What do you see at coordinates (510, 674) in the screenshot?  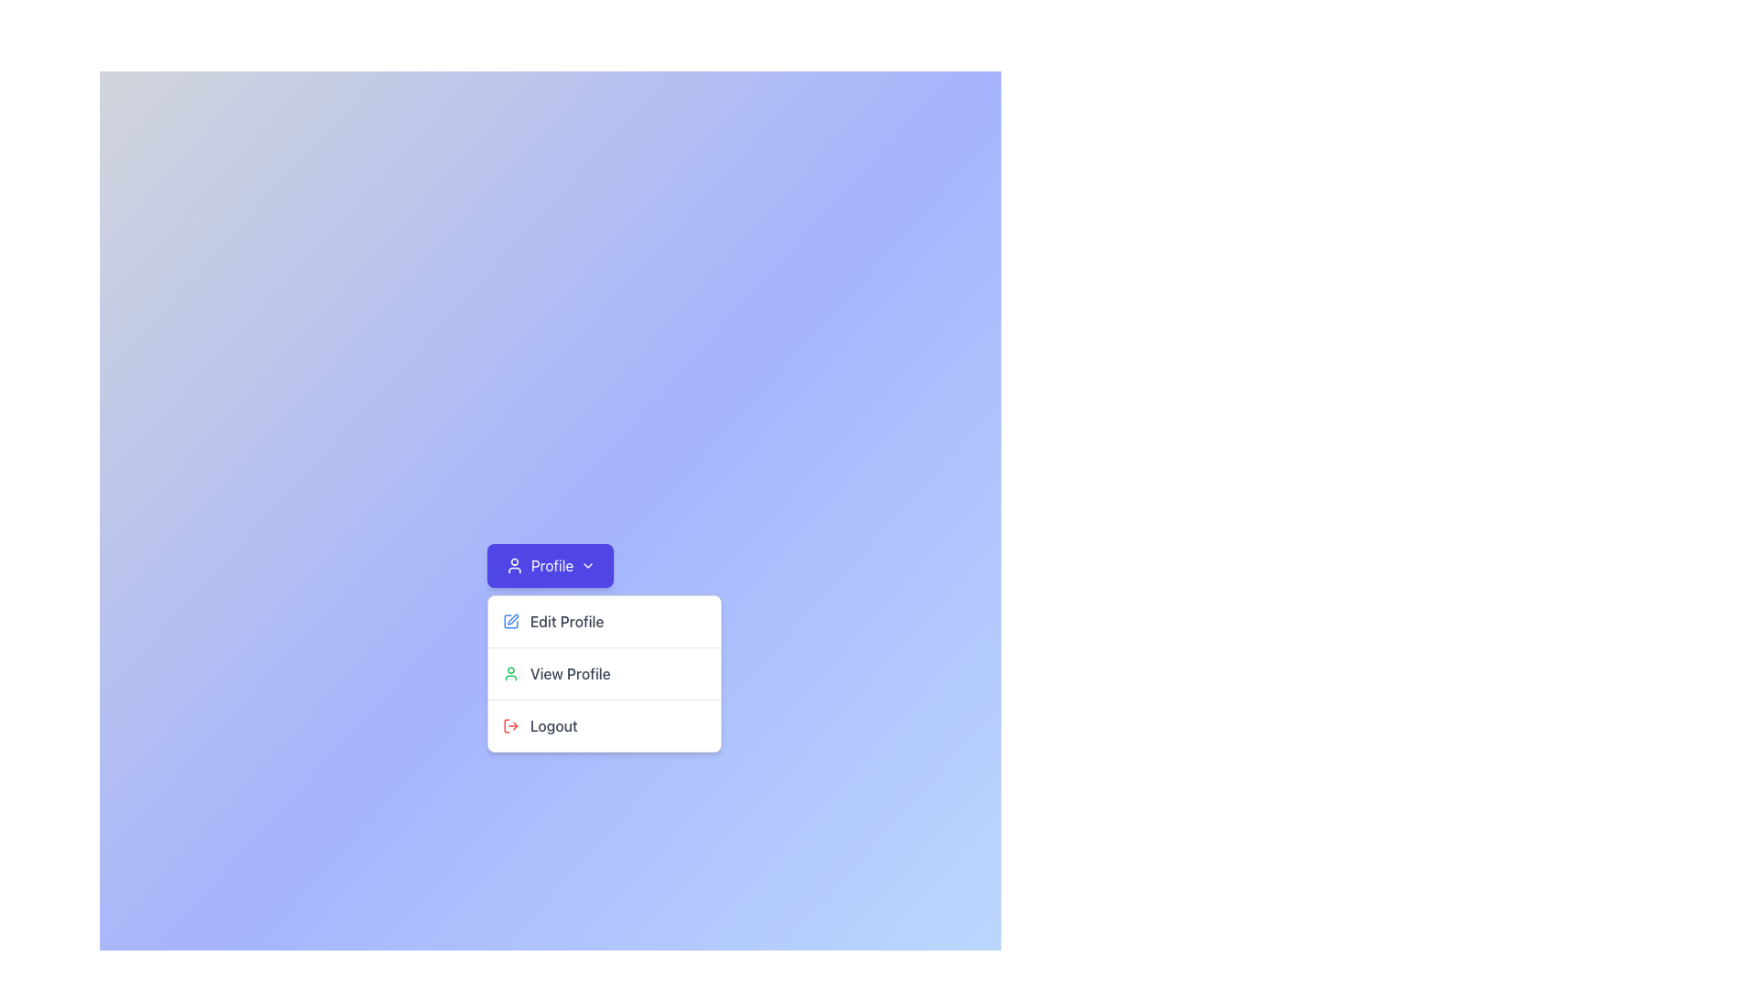 I see `the green user icon within the 'View Profile' menu item, which features a green border and the text 'View Profile' to its right` at bounding box center [510, 674].